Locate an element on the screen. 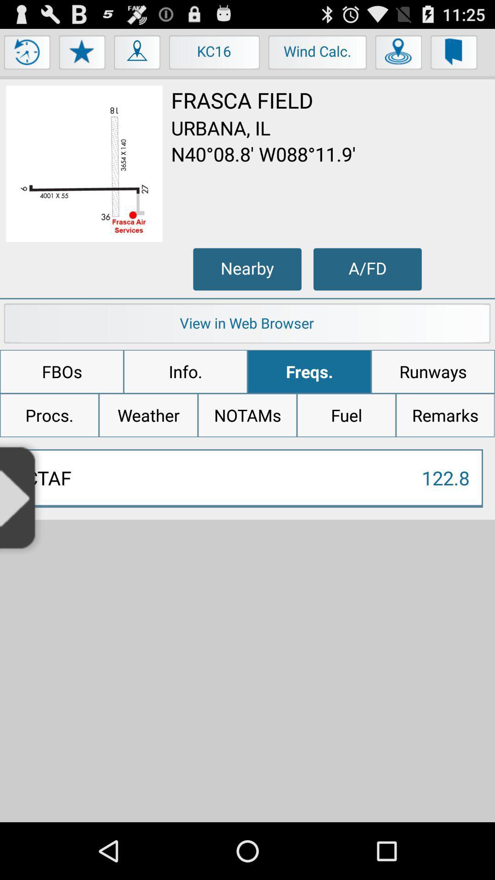 The width and height of the screenshot is (495, 880). button next to wind calc. is located at coordinates (398, 54).